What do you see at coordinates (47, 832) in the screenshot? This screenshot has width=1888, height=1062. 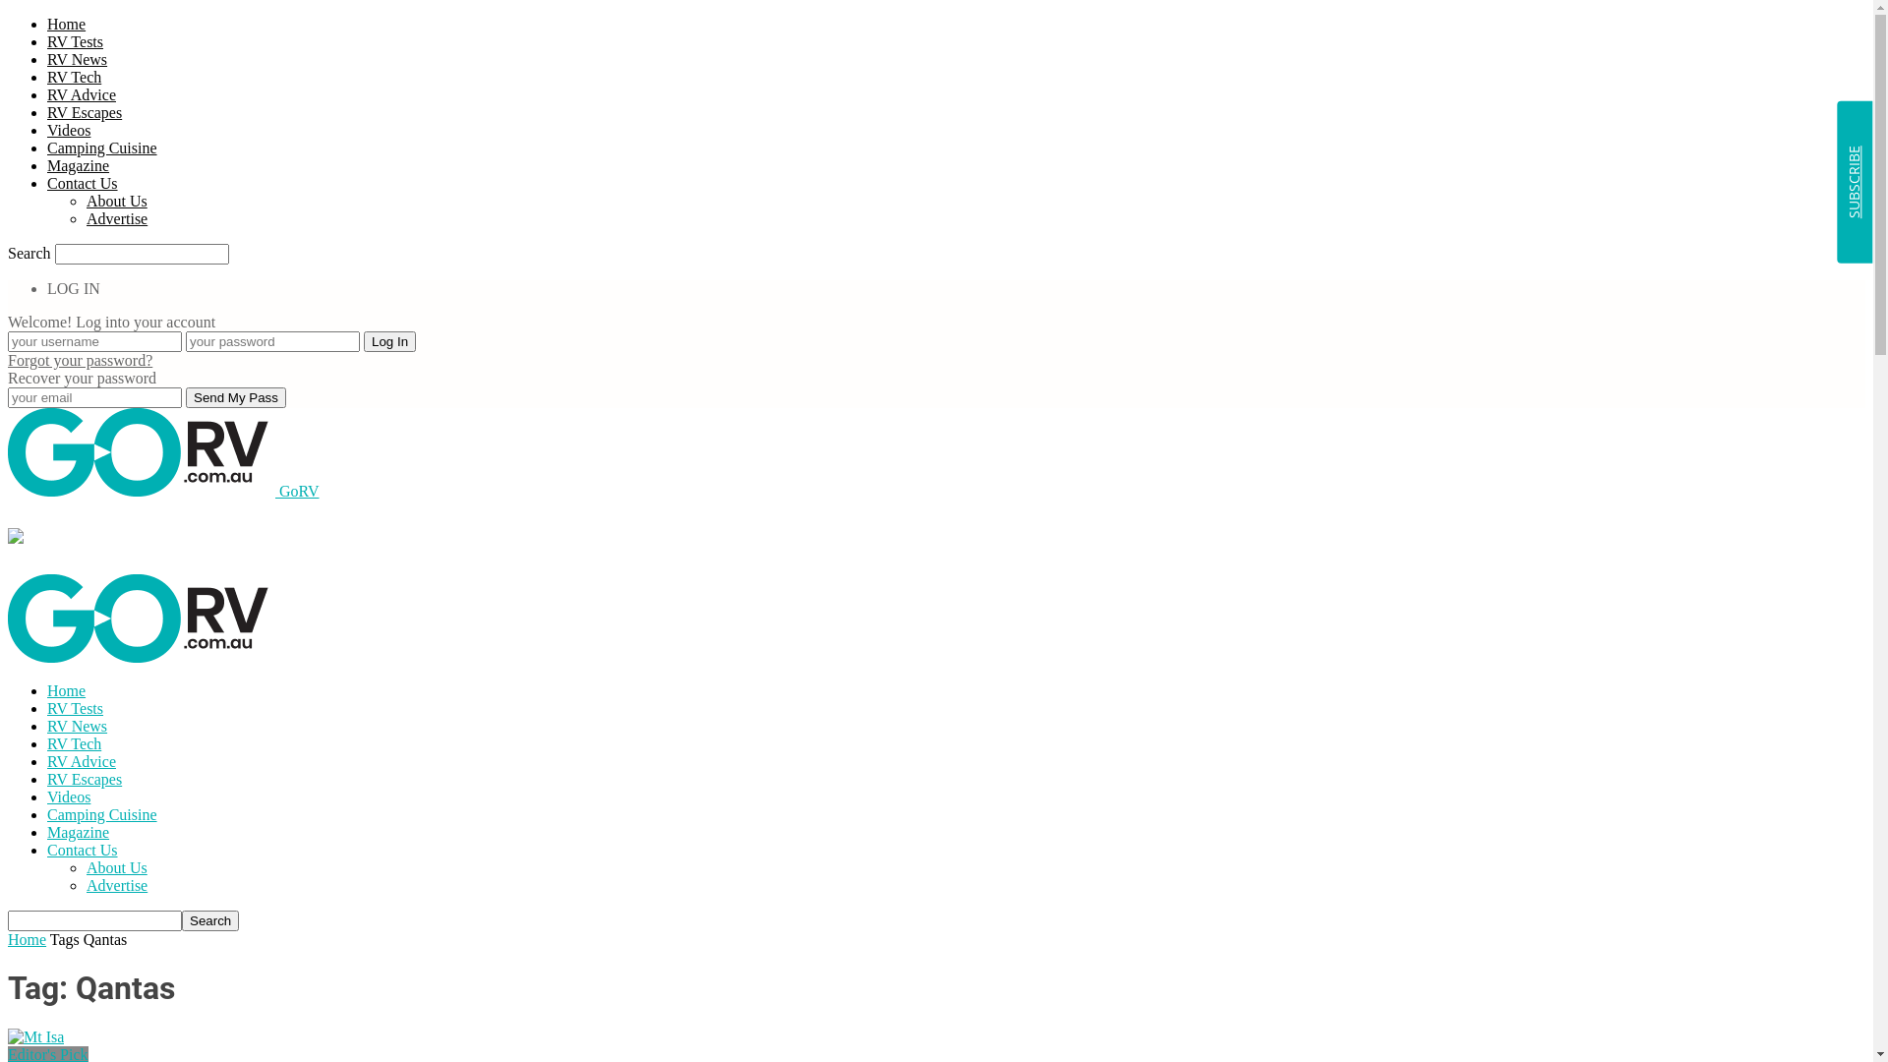 I see `'Magazine'` at bounding box center [47, 832].